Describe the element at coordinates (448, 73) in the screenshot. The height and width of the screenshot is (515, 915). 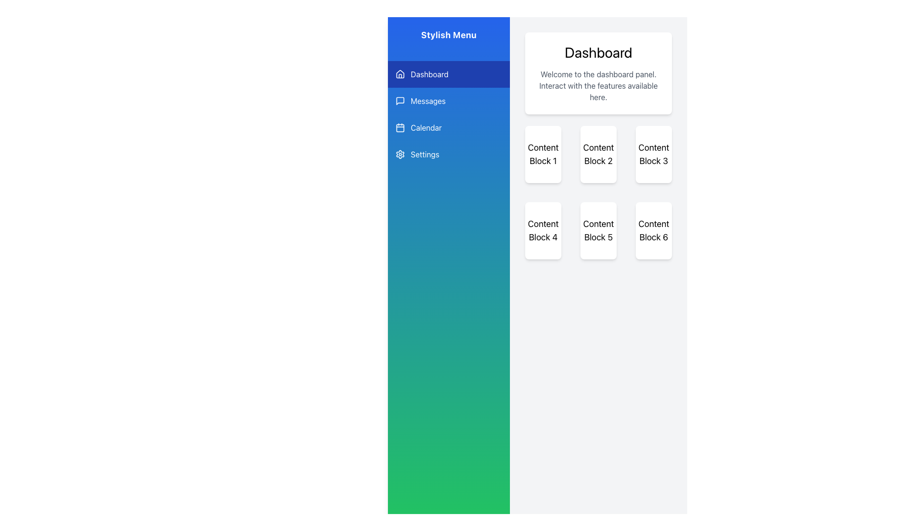
I see `the first menu item in the side menu` at that location.